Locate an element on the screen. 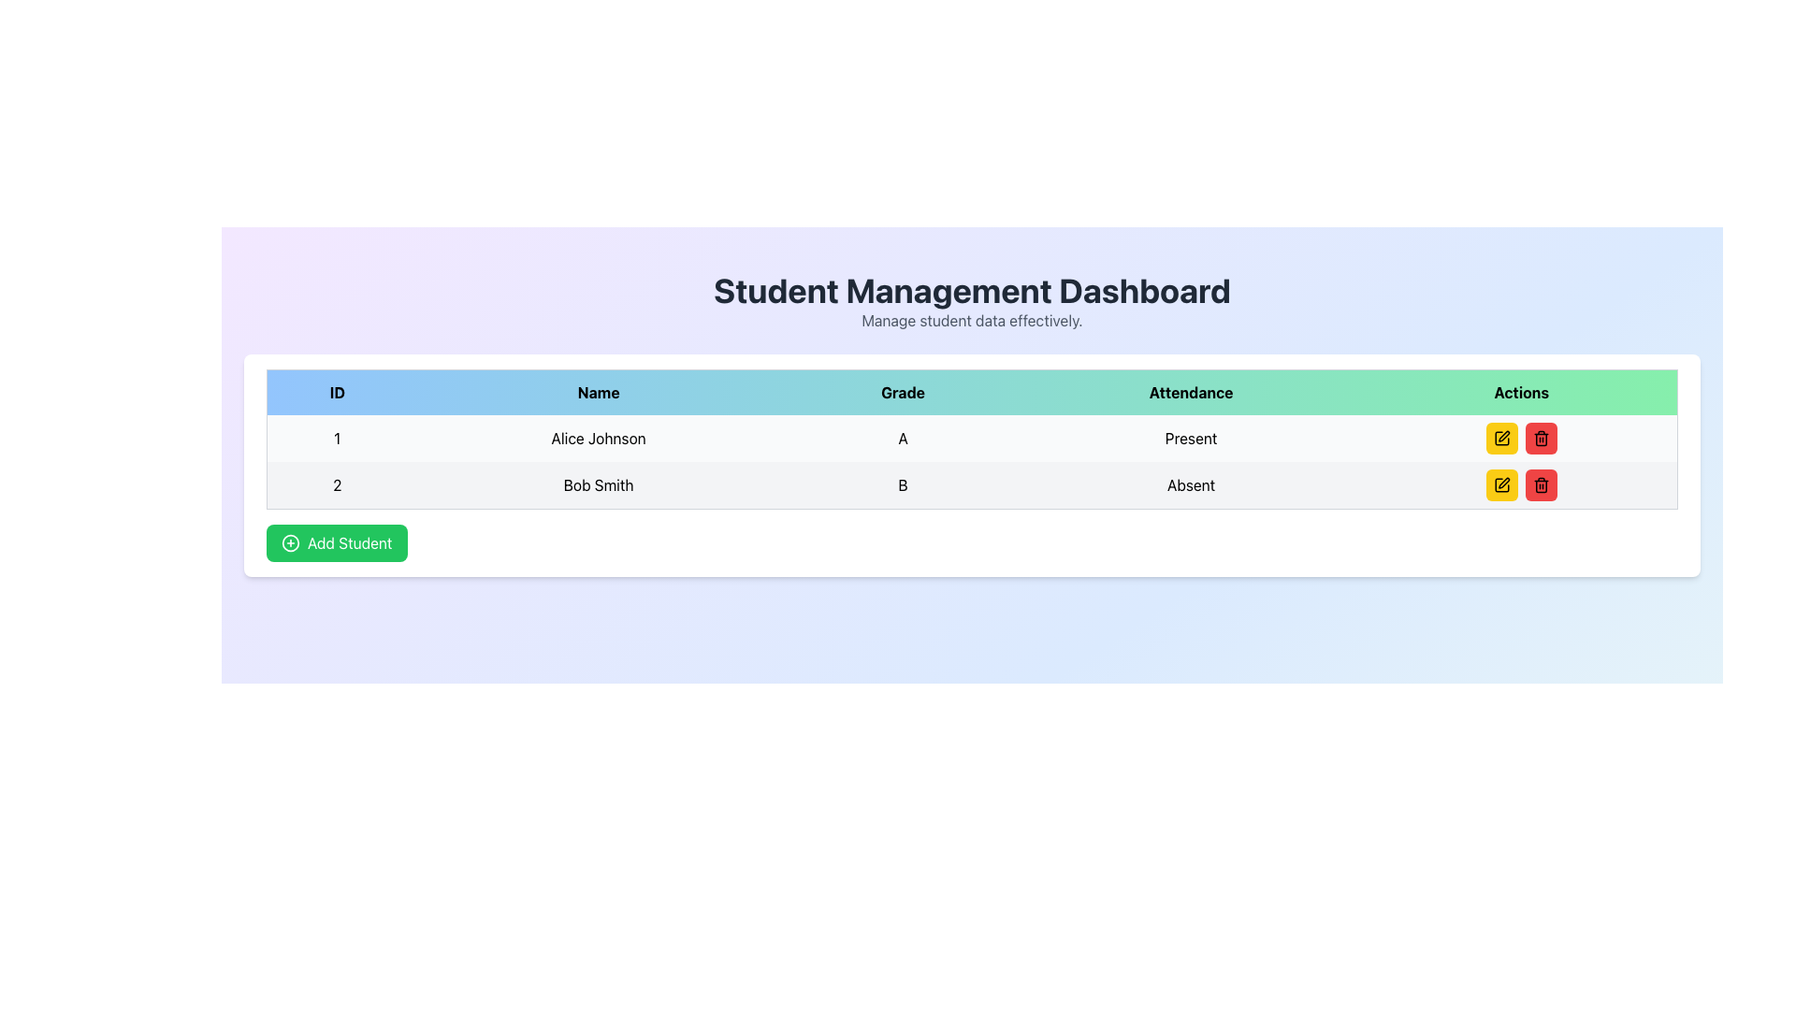 The height and width of the screenshot is (1010, 1796). the 'Add Student' button, which has a green background and white text is located at coordinates (337, 543).